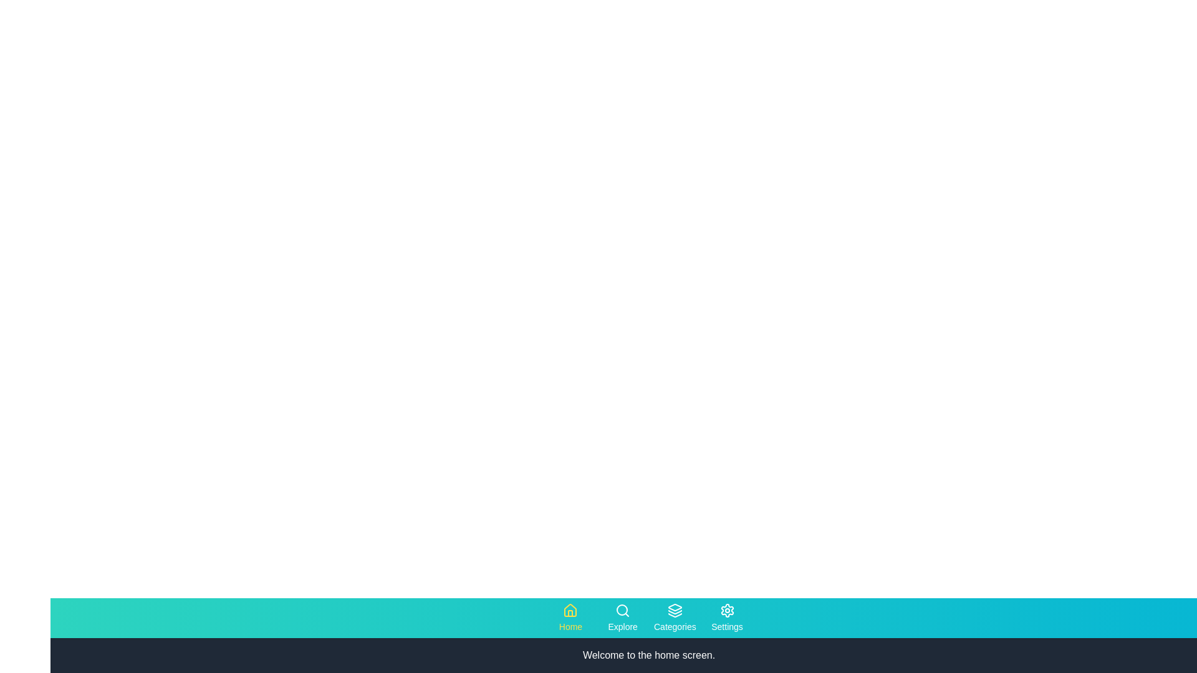  I want to click on the Home tab to navigate to the corresponding section, so click(570, 618).